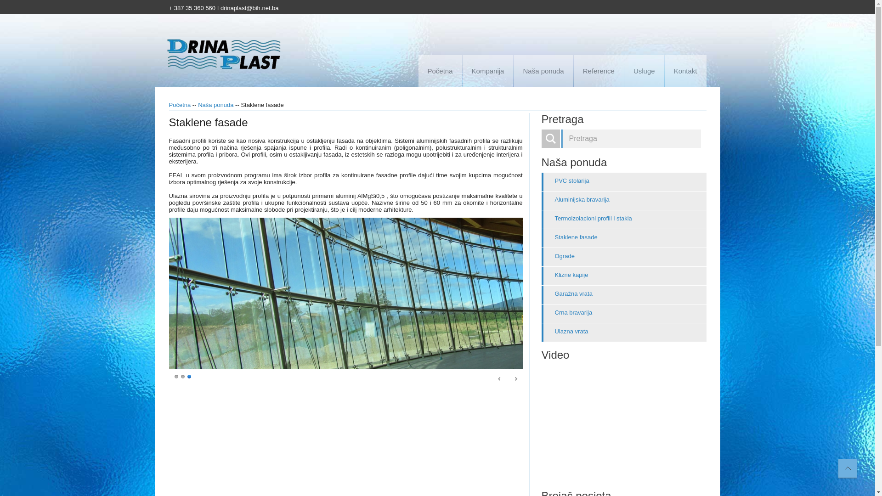 The height and width of the screenshot is (496, 882). What do you see at coordinates (249, 8) in the screenshot?
I see `'drinaplast@bih.net.ba'` at bounding box center [249, 8].